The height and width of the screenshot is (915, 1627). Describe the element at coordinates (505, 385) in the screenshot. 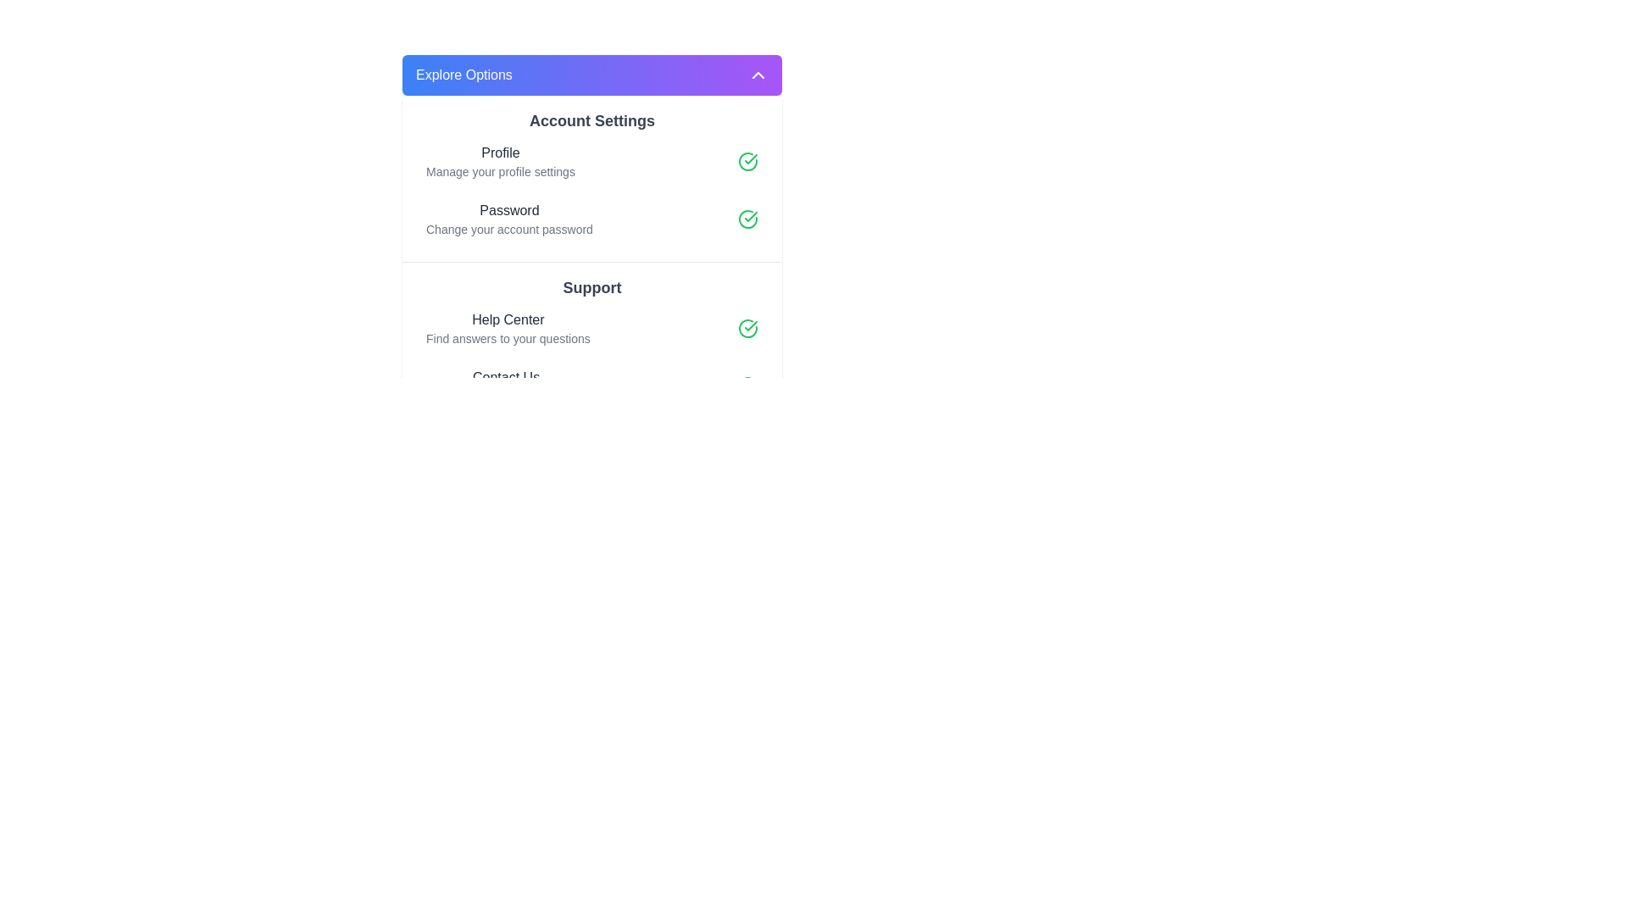

I see `the 'Contact Us' text block located under the 'Support' section` at that location.